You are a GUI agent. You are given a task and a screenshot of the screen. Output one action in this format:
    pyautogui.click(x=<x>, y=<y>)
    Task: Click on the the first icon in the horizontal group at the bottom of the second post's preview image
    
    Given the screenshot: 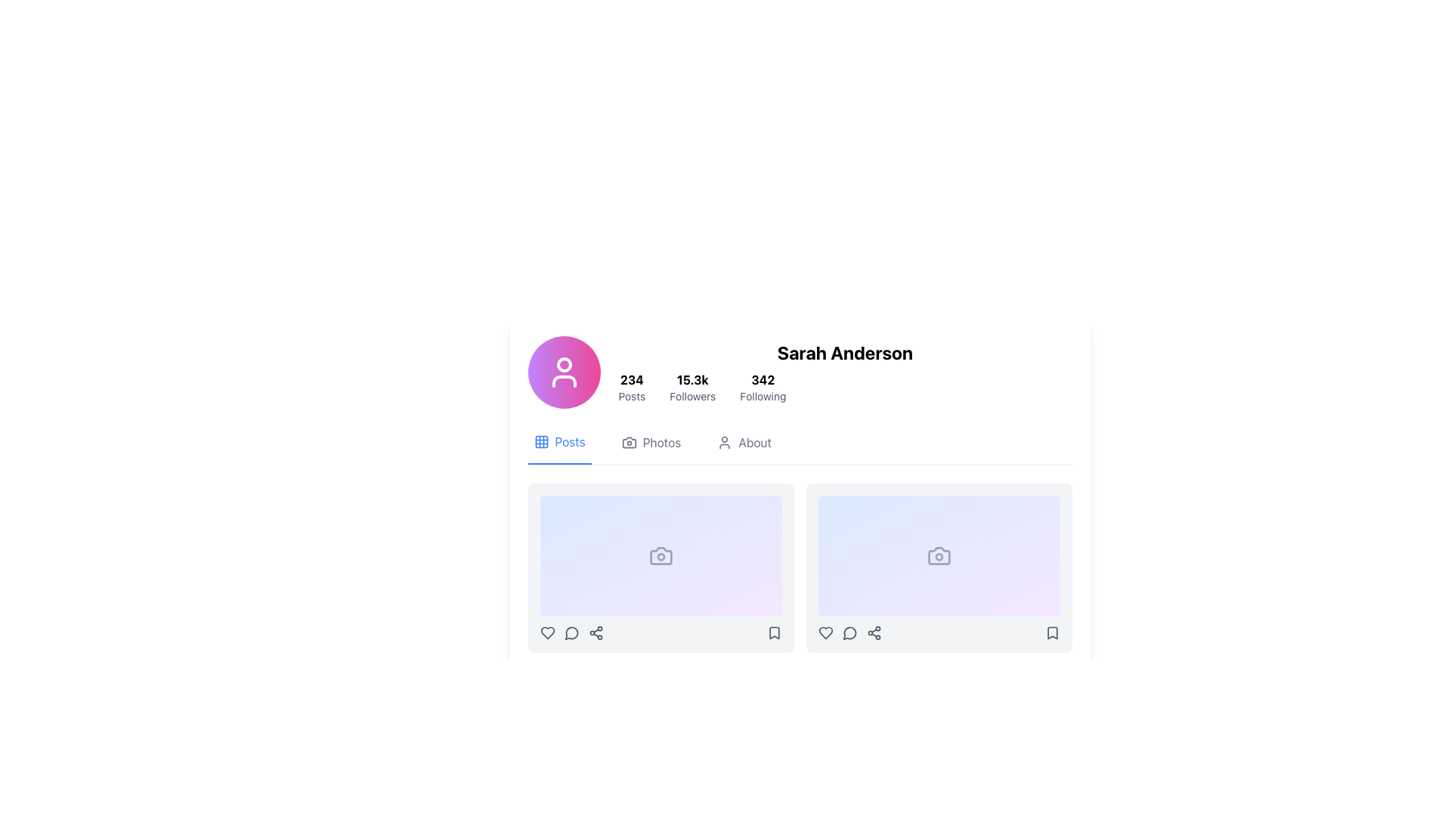 What is the action you would take?
    pyautogui.click(x=825, y=632)
    